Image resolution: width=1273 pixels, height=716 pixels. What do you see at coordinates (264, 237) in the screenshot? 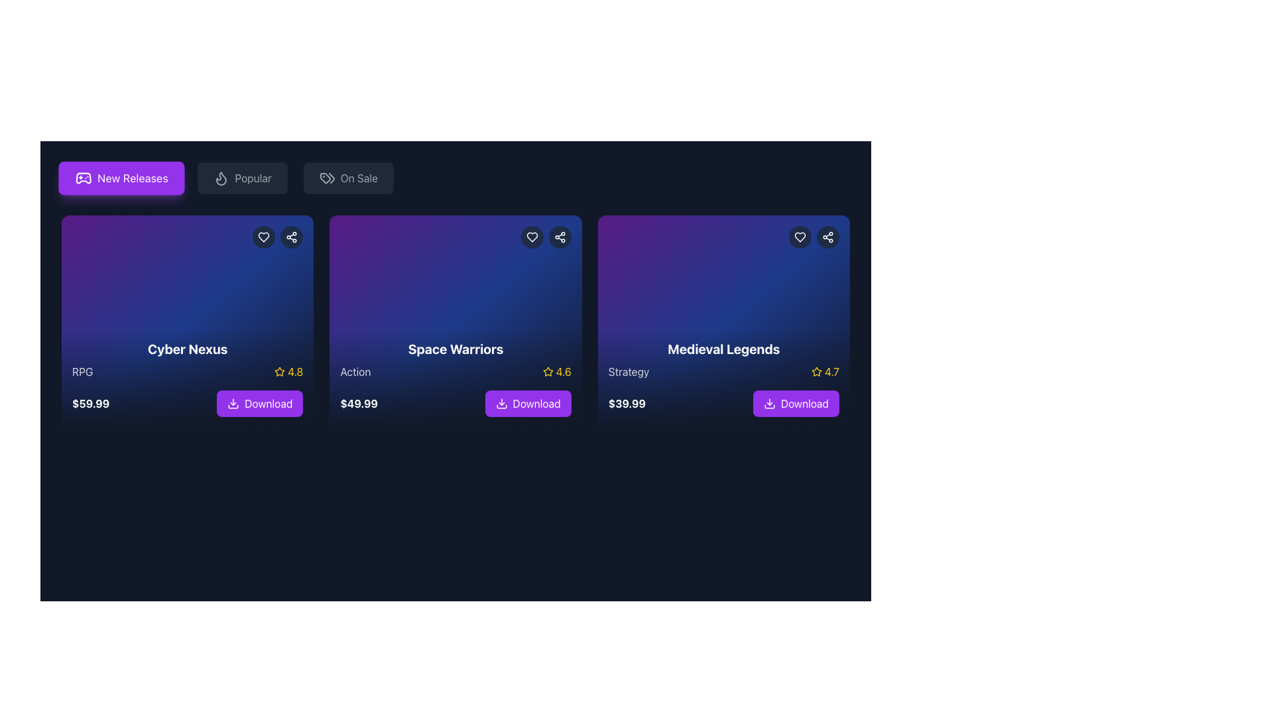
I see `the favorite button for the 'Cyber Nexus' game located at the top-right corner of the card` at bounding box center [264, 237].